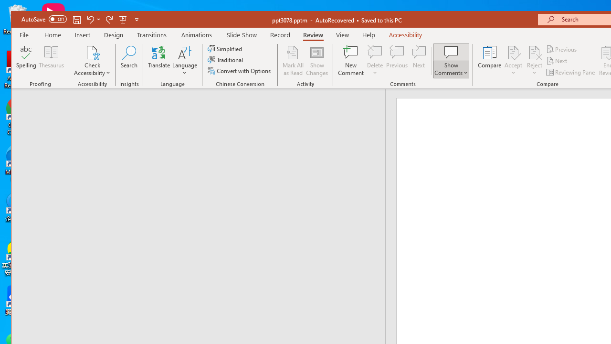  Describe the element at coordinates (159, 61) in the screenshot. I see `'Translate'` at that location.